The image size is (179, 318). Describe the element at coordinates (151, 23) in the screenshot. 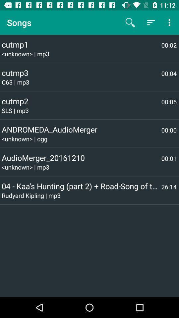

I see `item above the cutmp1 item` at that location.